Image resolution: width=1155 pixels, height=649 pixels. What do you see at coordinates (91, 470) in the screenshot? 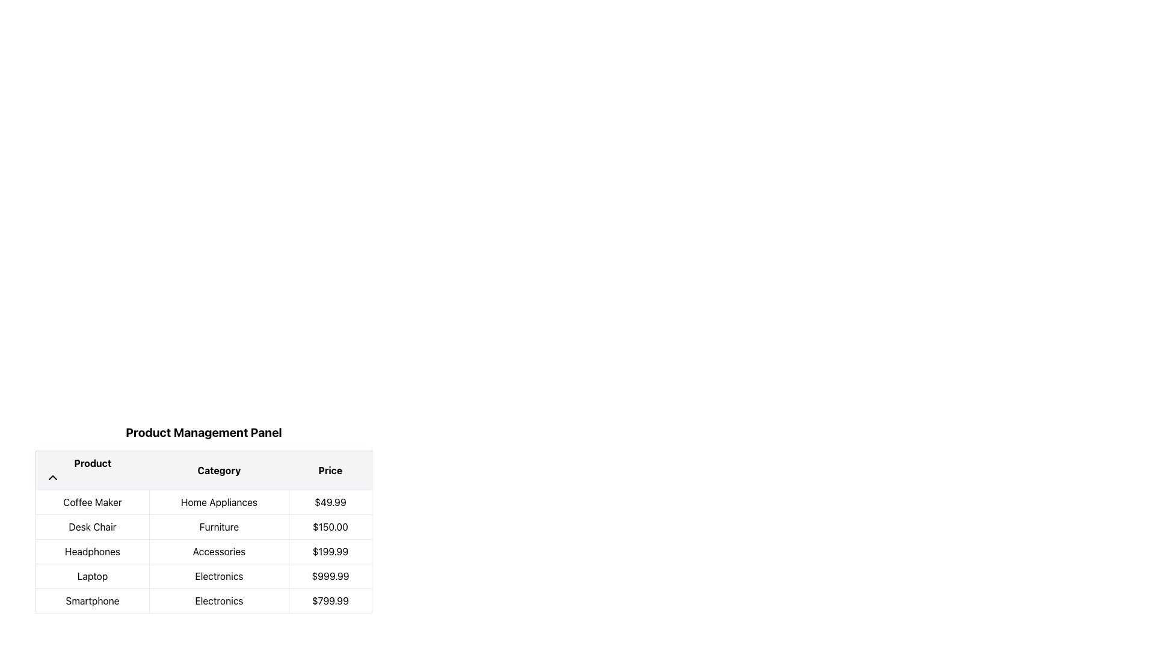
I see `the 'Product' static table header, which is the first cell in the header row styled in bold black text on a light gray background, with an upward-facing chevron icon to its left` at bounding box center [91, 470].